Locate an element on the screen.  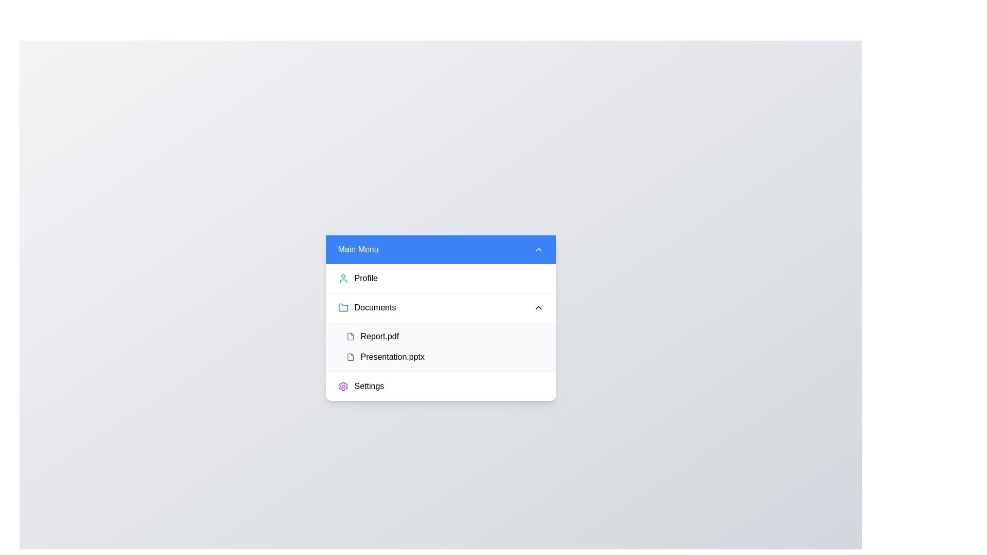
the 'Documents' text label with icon, which is the second item in the vertical menu list in the 'Main Menu' is located at coordinates (367, 307).